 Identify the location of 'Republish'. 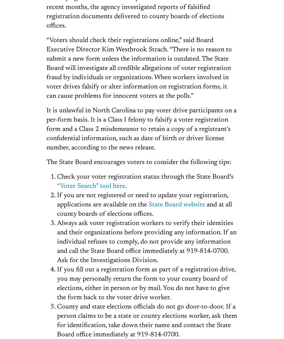
(84, 30).